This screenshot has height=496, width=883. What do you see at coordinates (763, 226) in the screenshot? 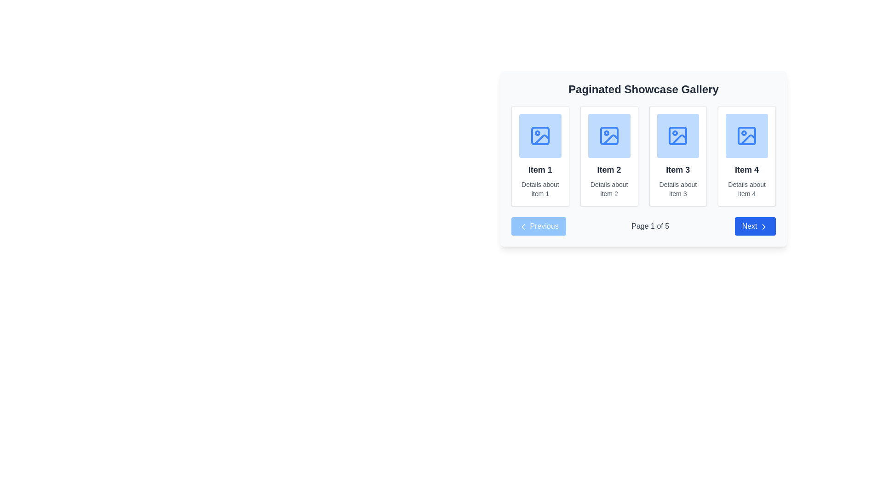
I see `the chevron-right icon within the 'Next' button located at the lower right corner of the interface` at bounding box center [763, 226].